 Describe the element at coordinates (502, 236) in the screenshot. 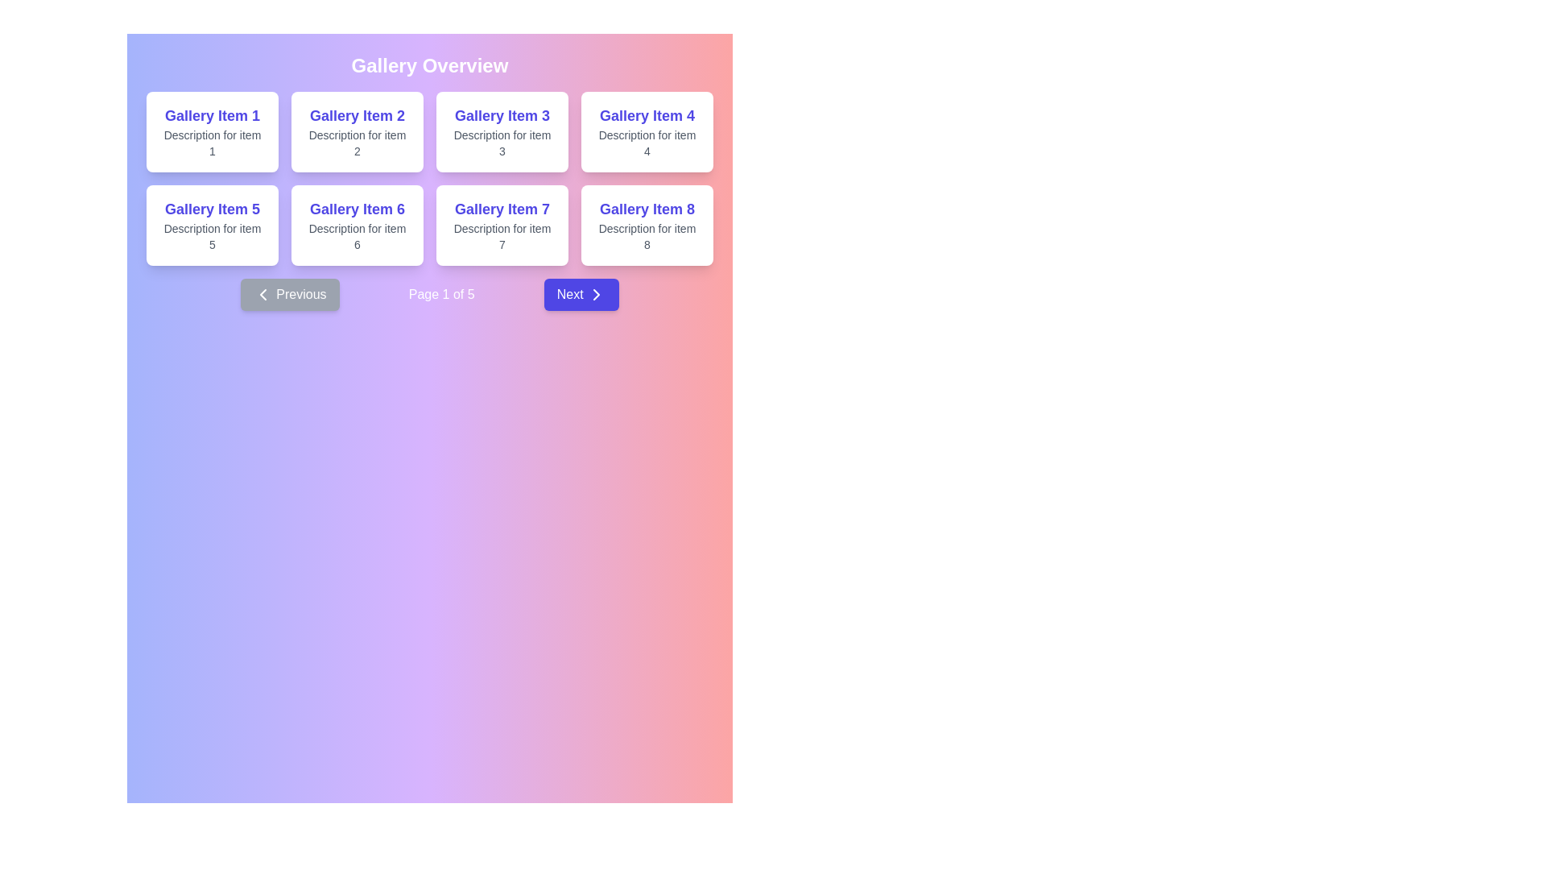

I see `the static text label displaying 'Description for item 7', which is located below the title 'Gallery Item 7' in the card for 'Gallery Item 7'` at that location.